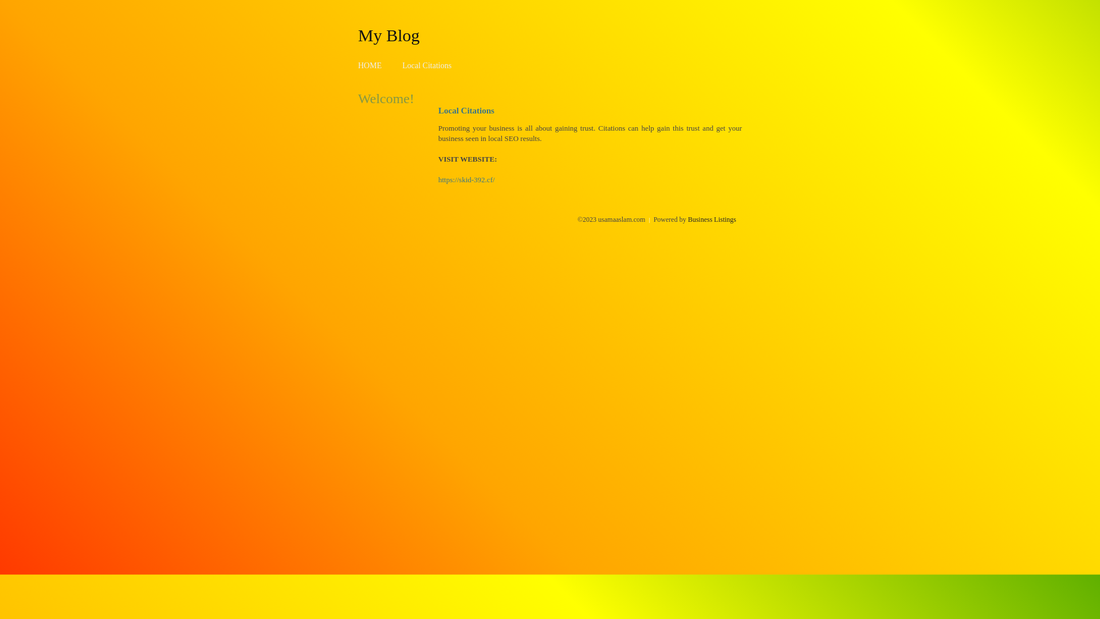  I want to click on 'HOME', so click(370, 65).